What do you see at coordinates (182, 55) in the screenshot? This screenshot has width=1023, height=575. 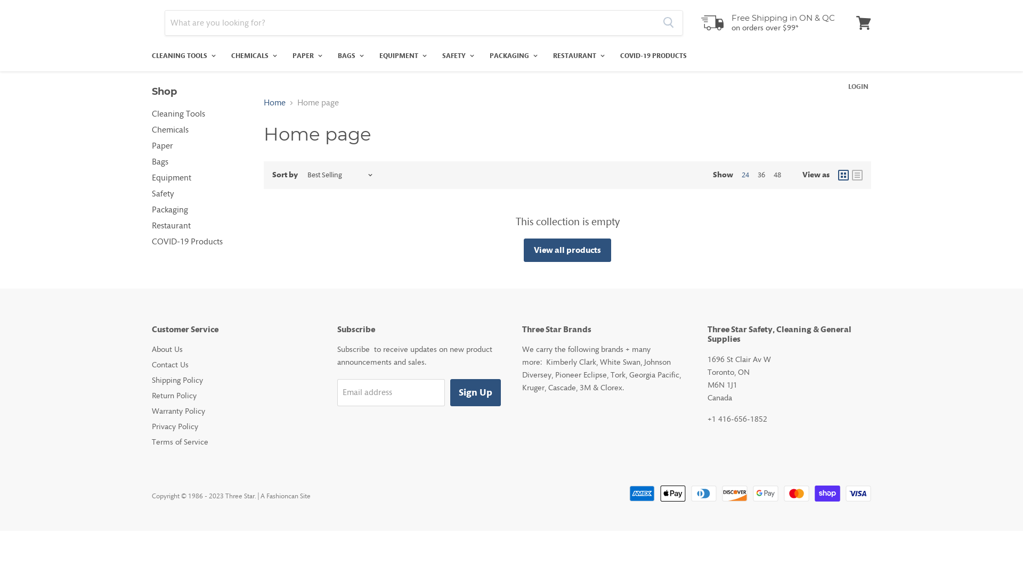 I see `'CLEANING TOOLS'` at bounding box center [182, 55].